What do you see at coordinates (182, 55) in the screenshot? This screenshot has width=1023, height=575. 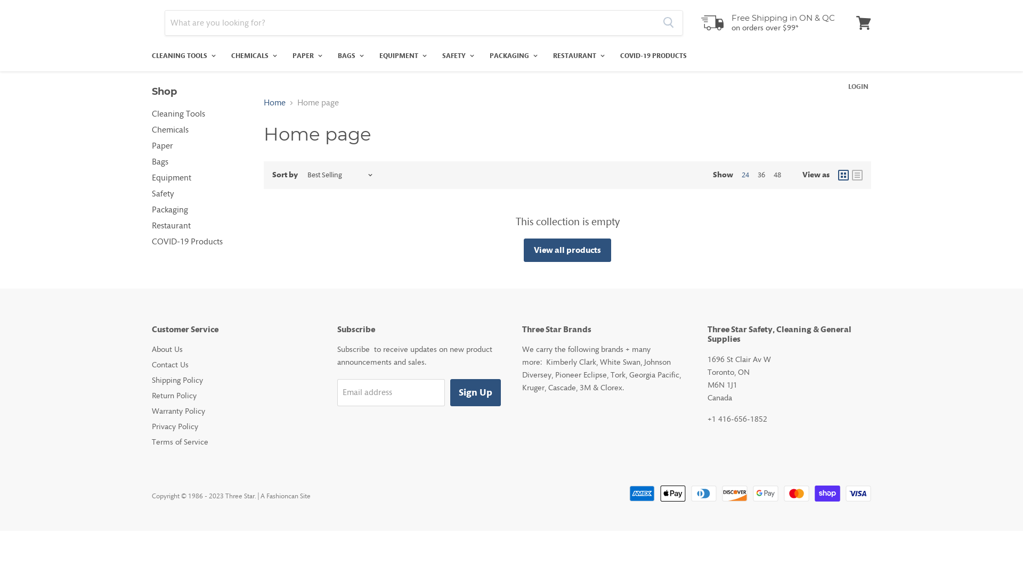 I see `'CLEANING TOOLS'` at bounding box center [182, 55].